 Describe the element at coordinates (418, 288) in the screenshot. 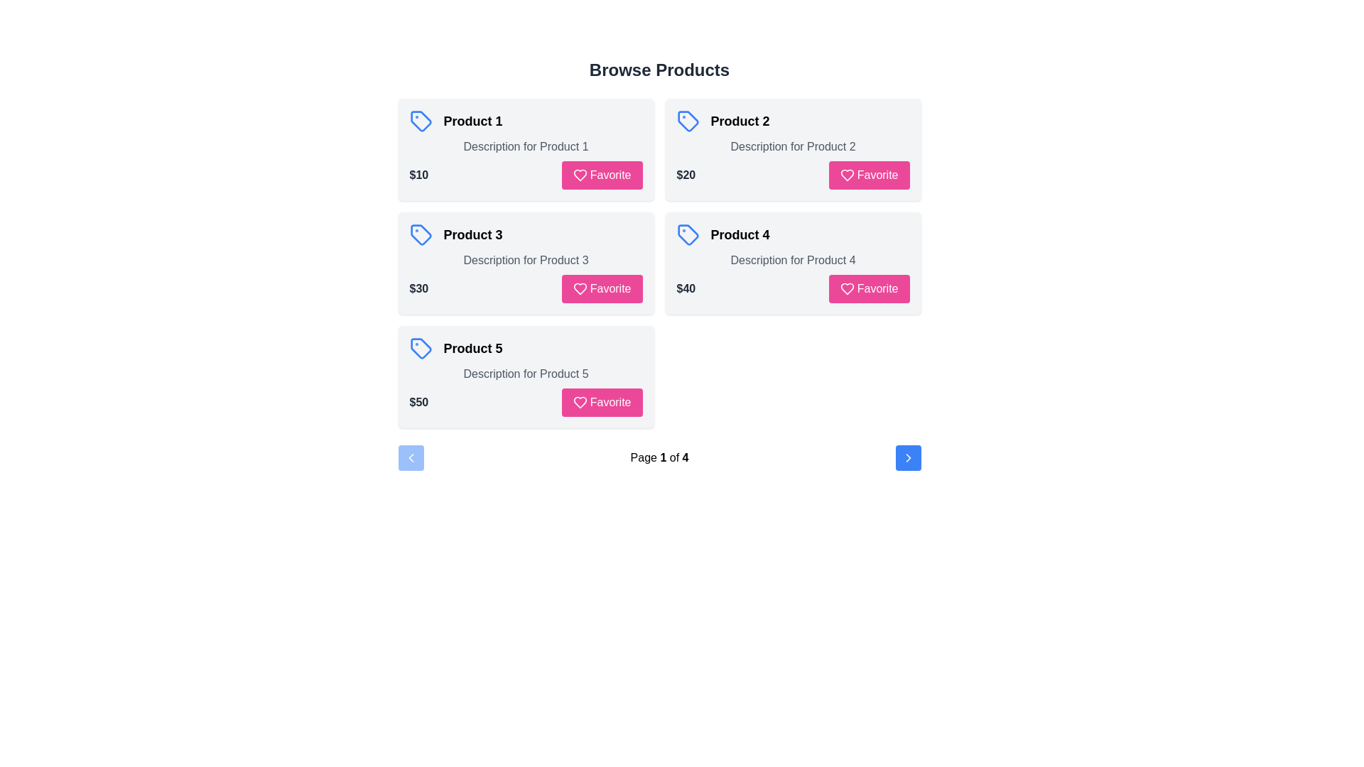

I see `the price text label located in the third card of the left column, which informs the user about the cost of the item` at that location.